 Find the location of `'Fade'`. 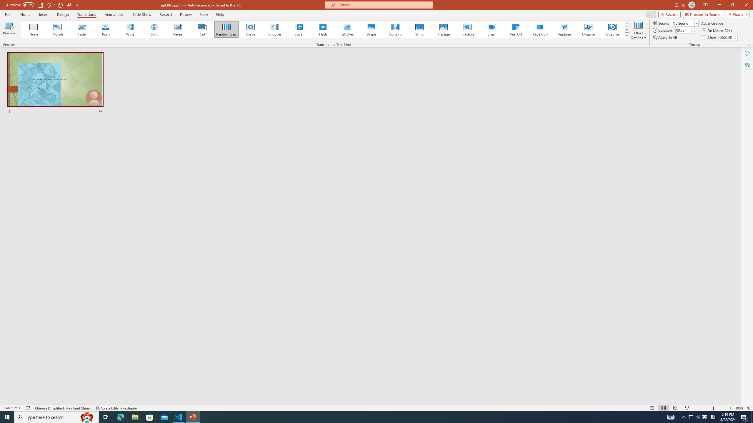

'Fade' is located at coordinates (82, 29).